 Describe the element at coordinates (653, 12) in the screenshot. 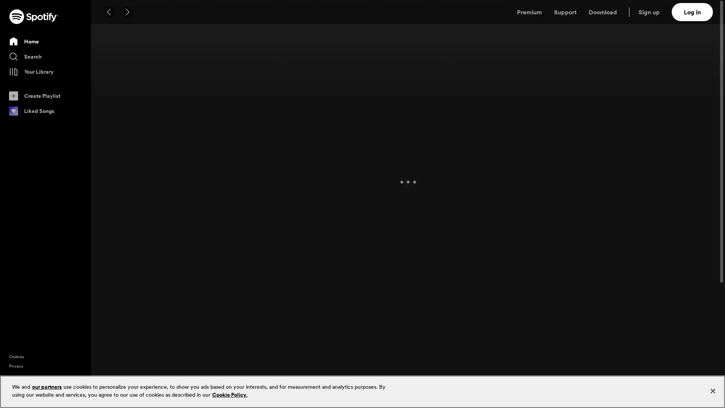

I see `Sign up` at that location.